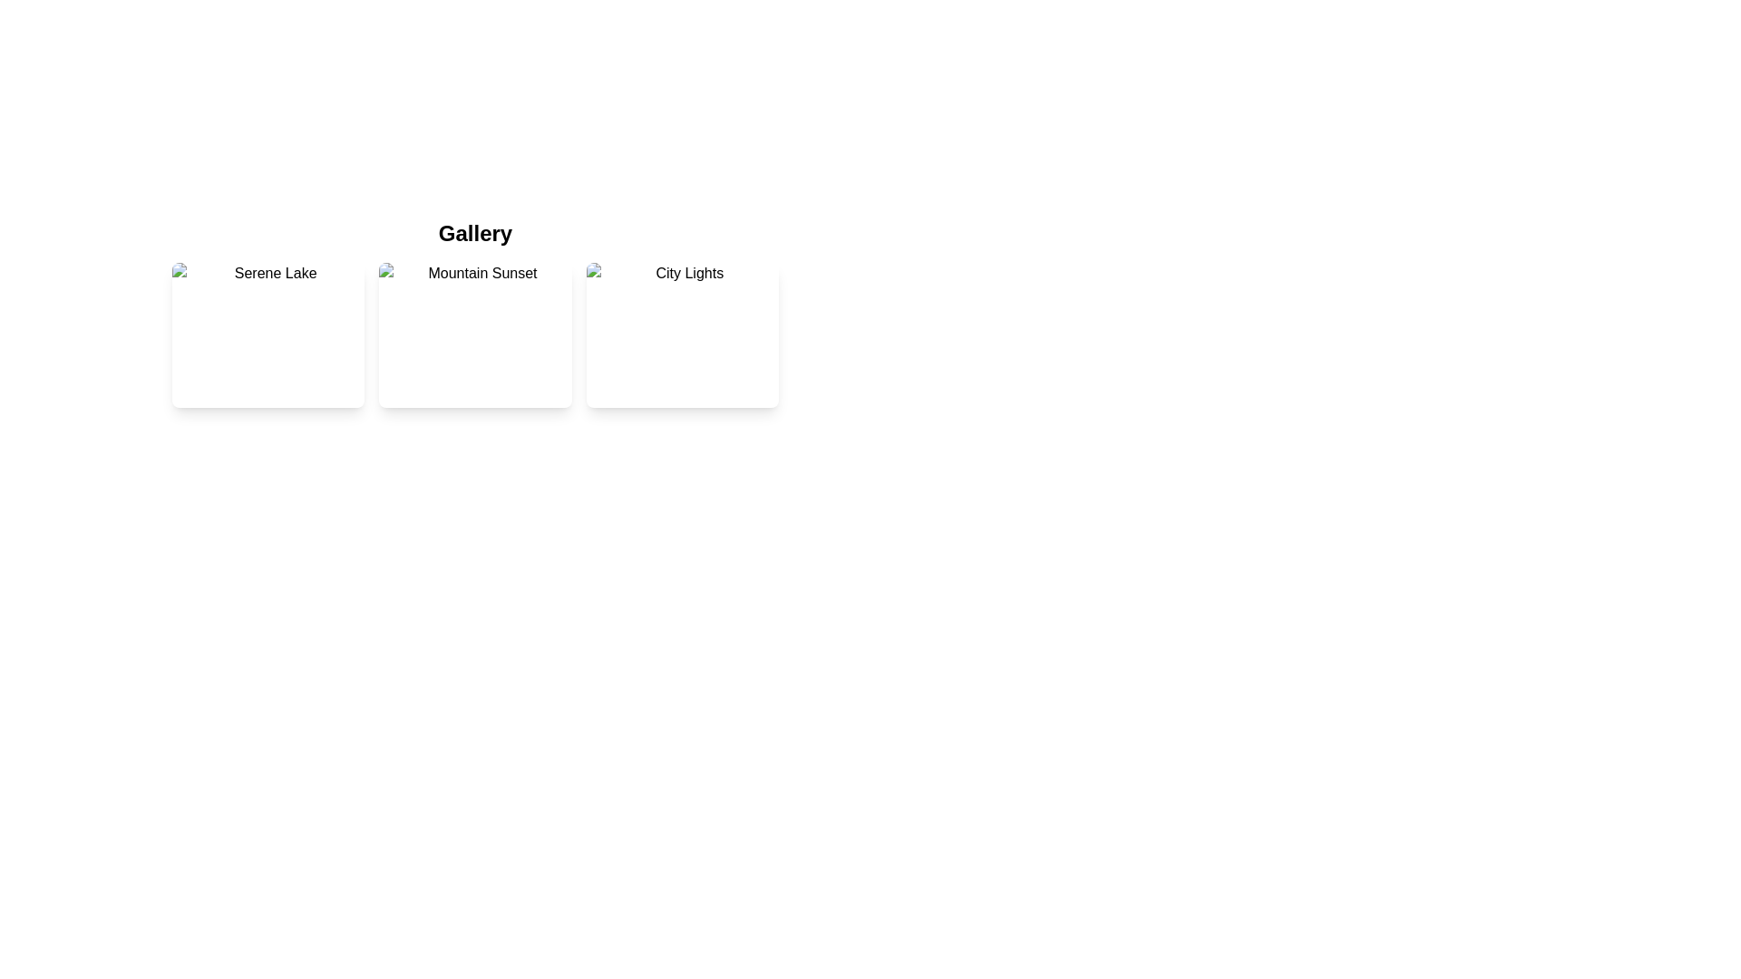 The width and height of the screenshot is (1741, 979). I want to click on the circular zoom-in button with a magnifying glass and plus sign, located at the bottom-center of the 'City Lights' card, so click(681, 335).